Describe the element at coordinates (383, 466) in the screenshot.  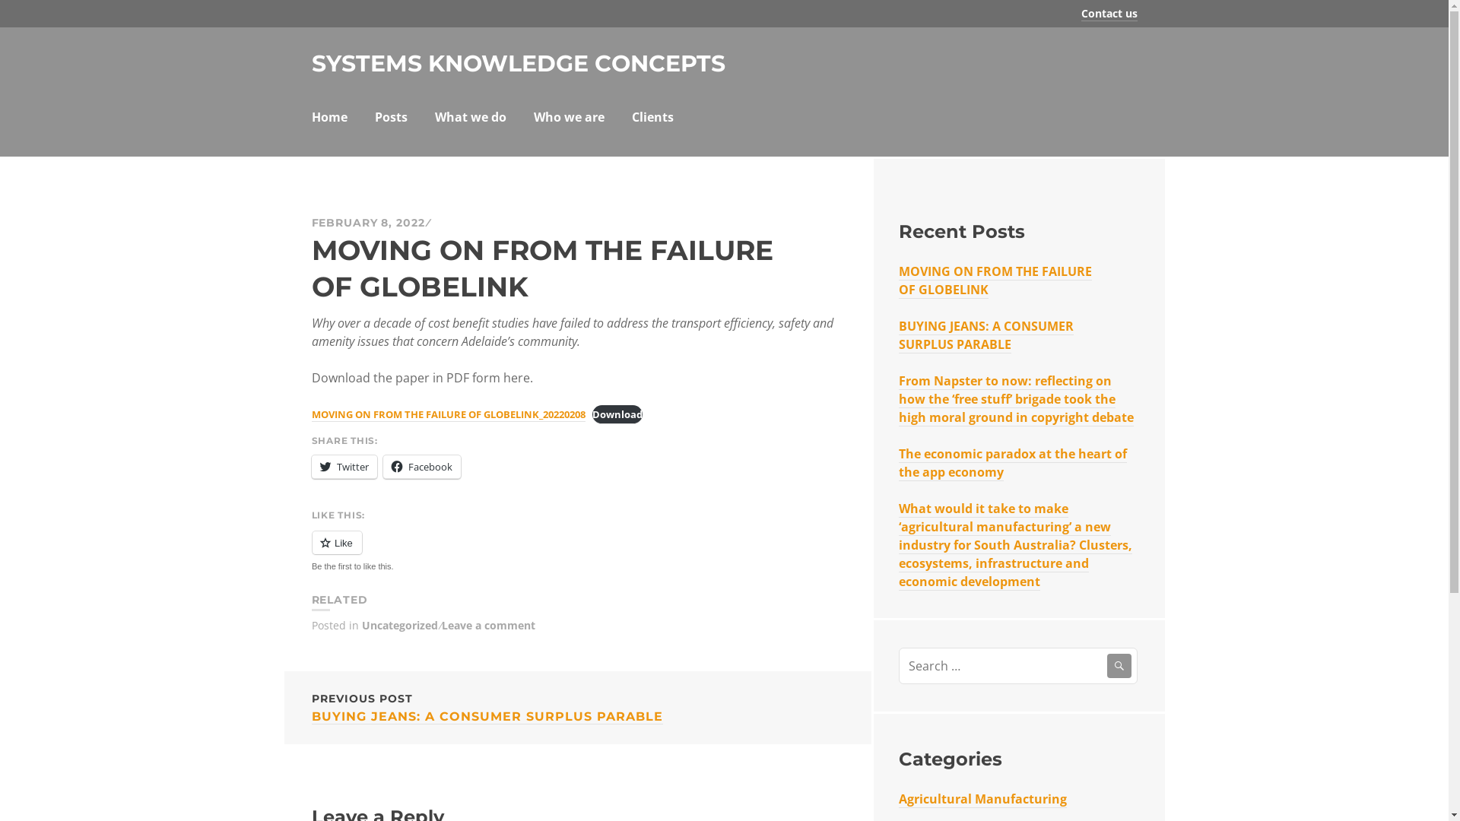
I see `'Facebook'` at that location.